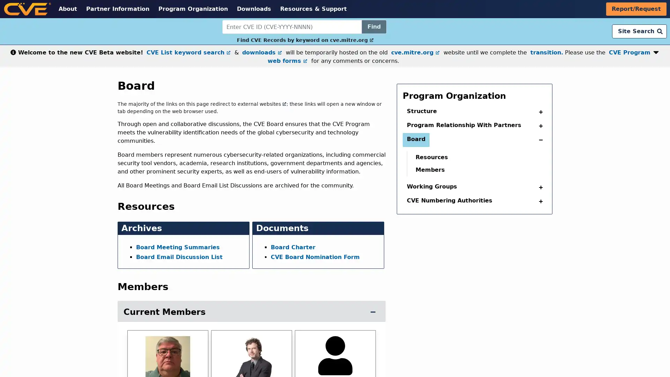 This screenshot has height=377, width=670. Describe the element at coordinates (373, 312) in the screenshot. I see `expandCollapseCurrentMembers` at that location.